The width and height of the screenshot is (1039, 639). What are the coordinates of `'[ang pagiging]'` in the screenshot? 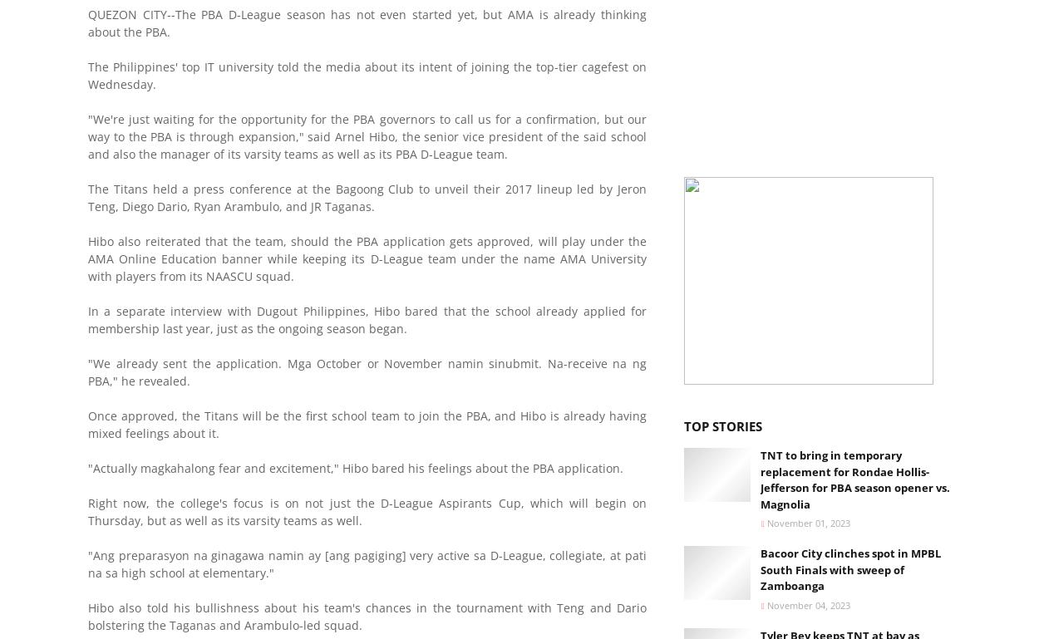 It's located at (364, 553).